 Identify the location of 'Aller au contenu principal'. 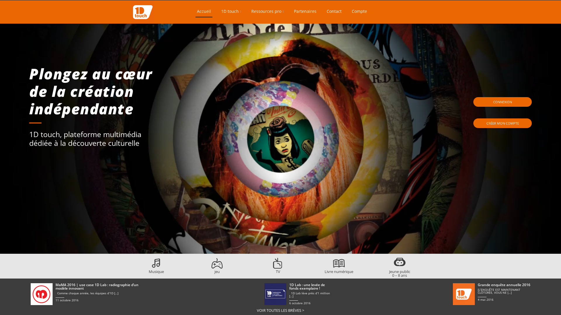
(140, 0).